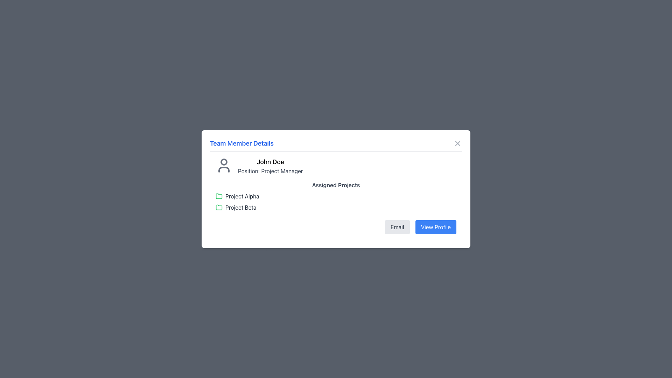 This screenshot has width=672, height=378. What do you see at coordinates (397, 227) in the screenshot?
I see `the 'Email' button with a light gray background and dark gray text in the 'Team Member Details' dialog box to activate the hover state` at bounding box center [397, 227].